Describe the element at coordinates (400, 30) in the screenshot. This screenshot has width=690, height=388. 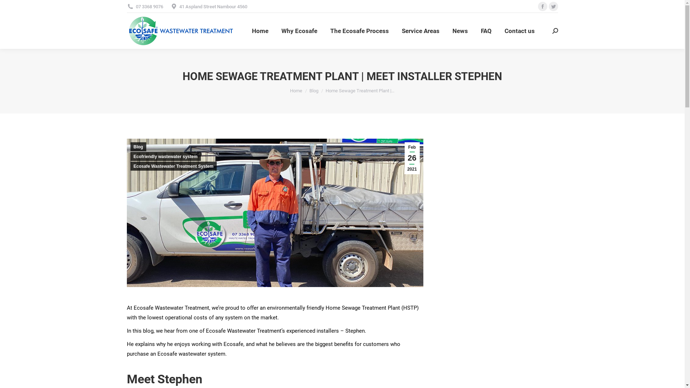
I see `'Service Areas'` at that location.